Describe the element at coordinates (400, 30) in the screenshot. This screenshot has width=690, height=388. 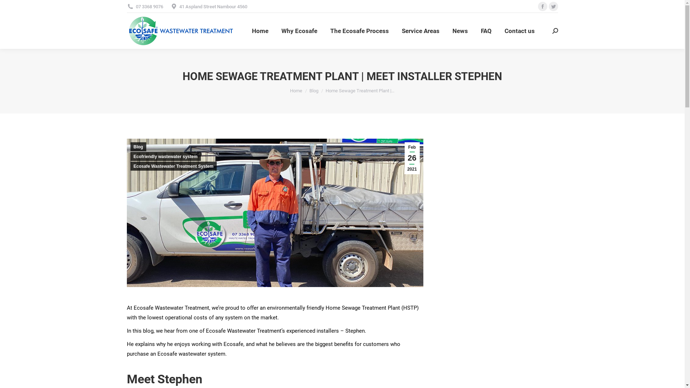
I see `'Service Areas'` at that location.